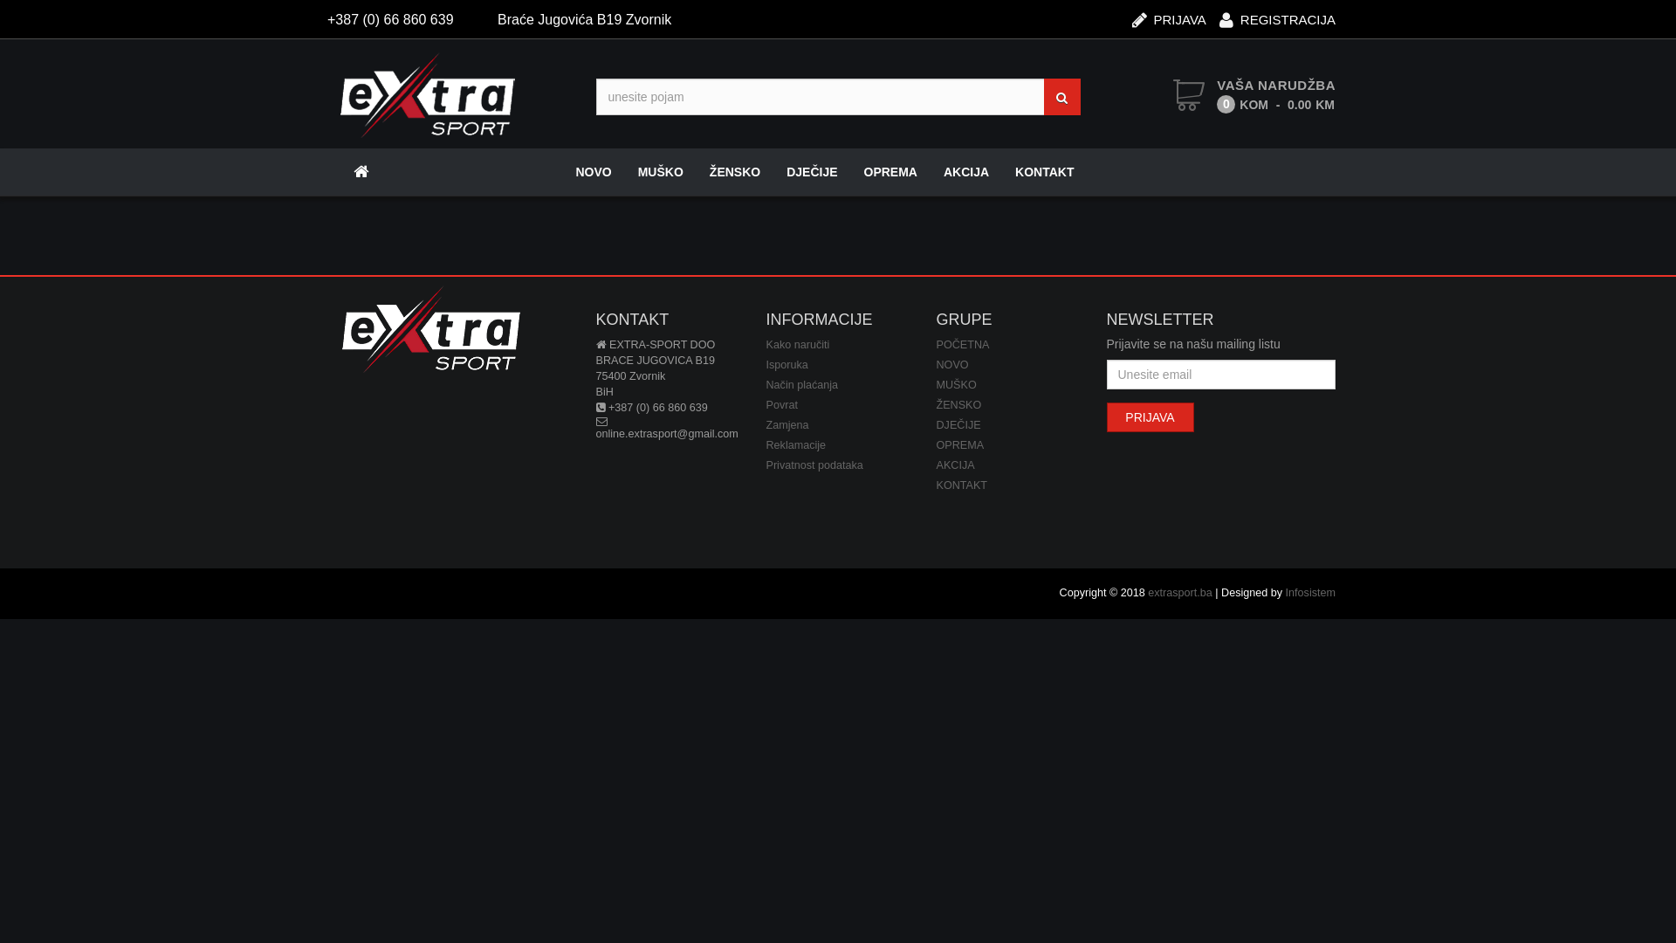 This screenshot has height=943, width=1676. Describe the element at coordinates (766, 444) in the screenshot. I see `'Reklamacije'` at that location.